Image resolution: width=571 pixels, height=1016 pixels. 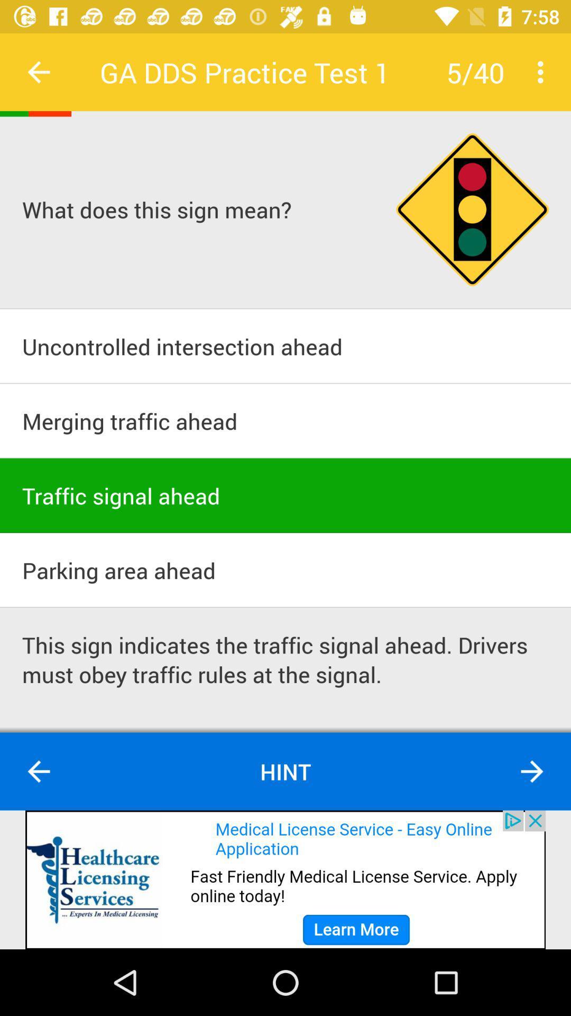 I want to click on next, so click(x=532, y=772).